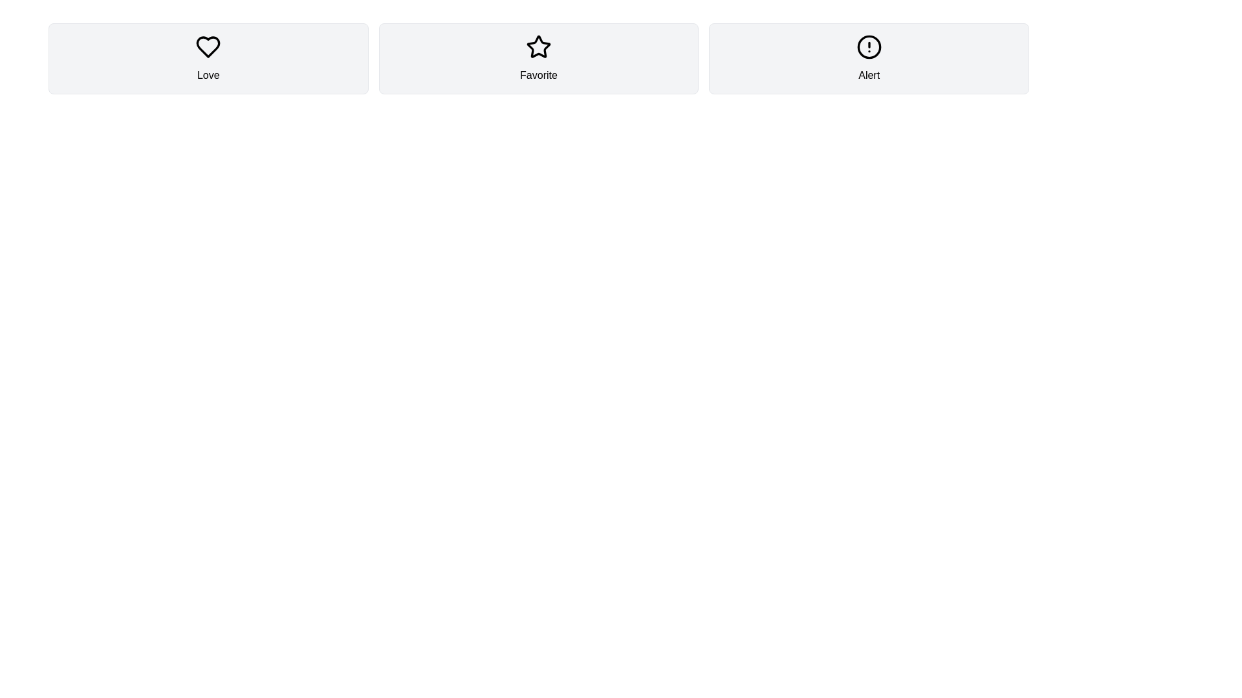 The width and height of the screenshot is (1242, 698). Describe the element at coordinates (208, 75) in the screenshot. I see `the 'Love' text label located at the bottom of the first card, which is centrally aligned beneath a heart icon` at that location.